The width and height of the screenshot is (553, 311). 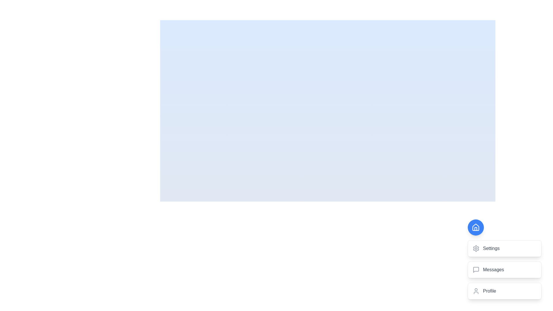 What do you see at coordinates (476, 227) in the screenshot?
I see `the round blue button with a white house icon located in the bottom-right corner above the list of 'Settings,' 'Messages,' and 'Profile.'` at bounding box center [476, 227].